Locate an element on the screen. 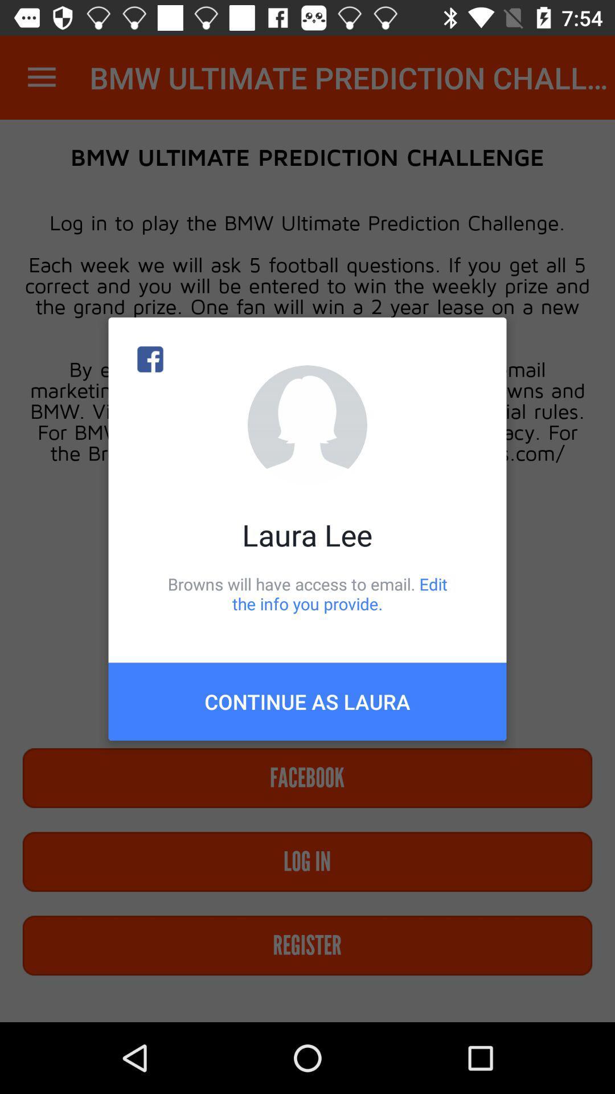 The image size is (615, 1094). browns will have is located at coordinates (307, 593).